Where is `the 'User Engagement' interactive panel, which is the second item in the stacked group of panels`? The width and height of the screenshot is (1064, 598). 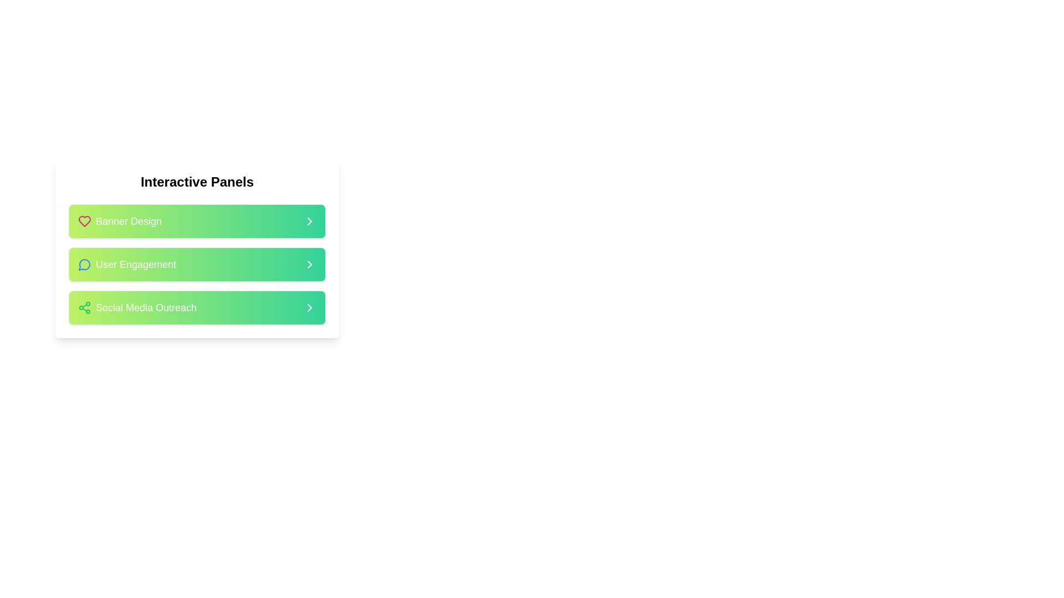 the 'User Engagement' interactive panel, which is the second item in the stacked group of panels is located at coordinates (127, 265).